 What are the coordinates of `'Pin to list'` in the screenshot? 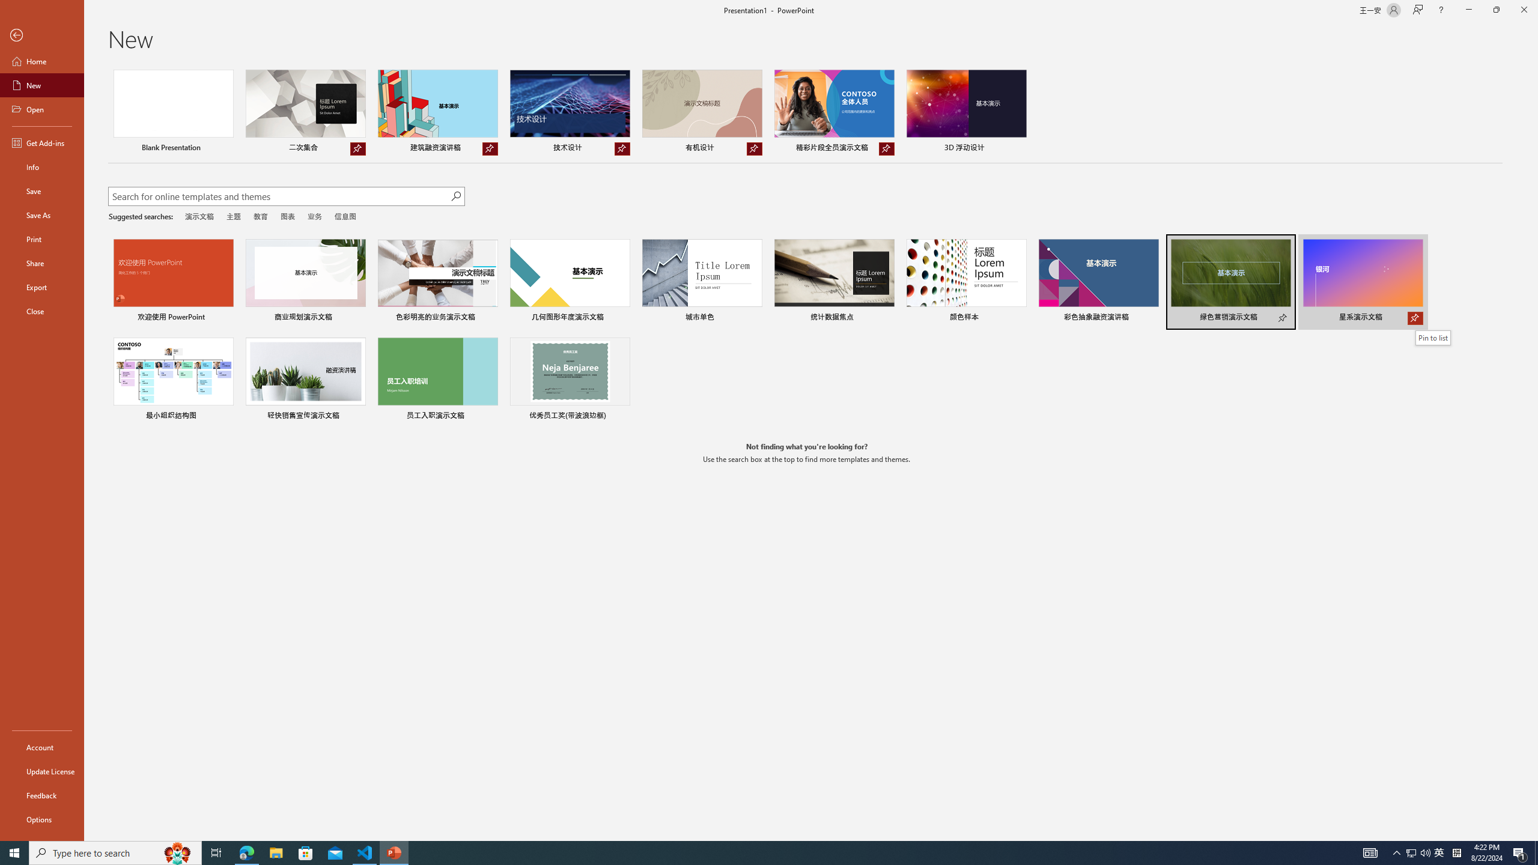 It's located at (1432, 338).